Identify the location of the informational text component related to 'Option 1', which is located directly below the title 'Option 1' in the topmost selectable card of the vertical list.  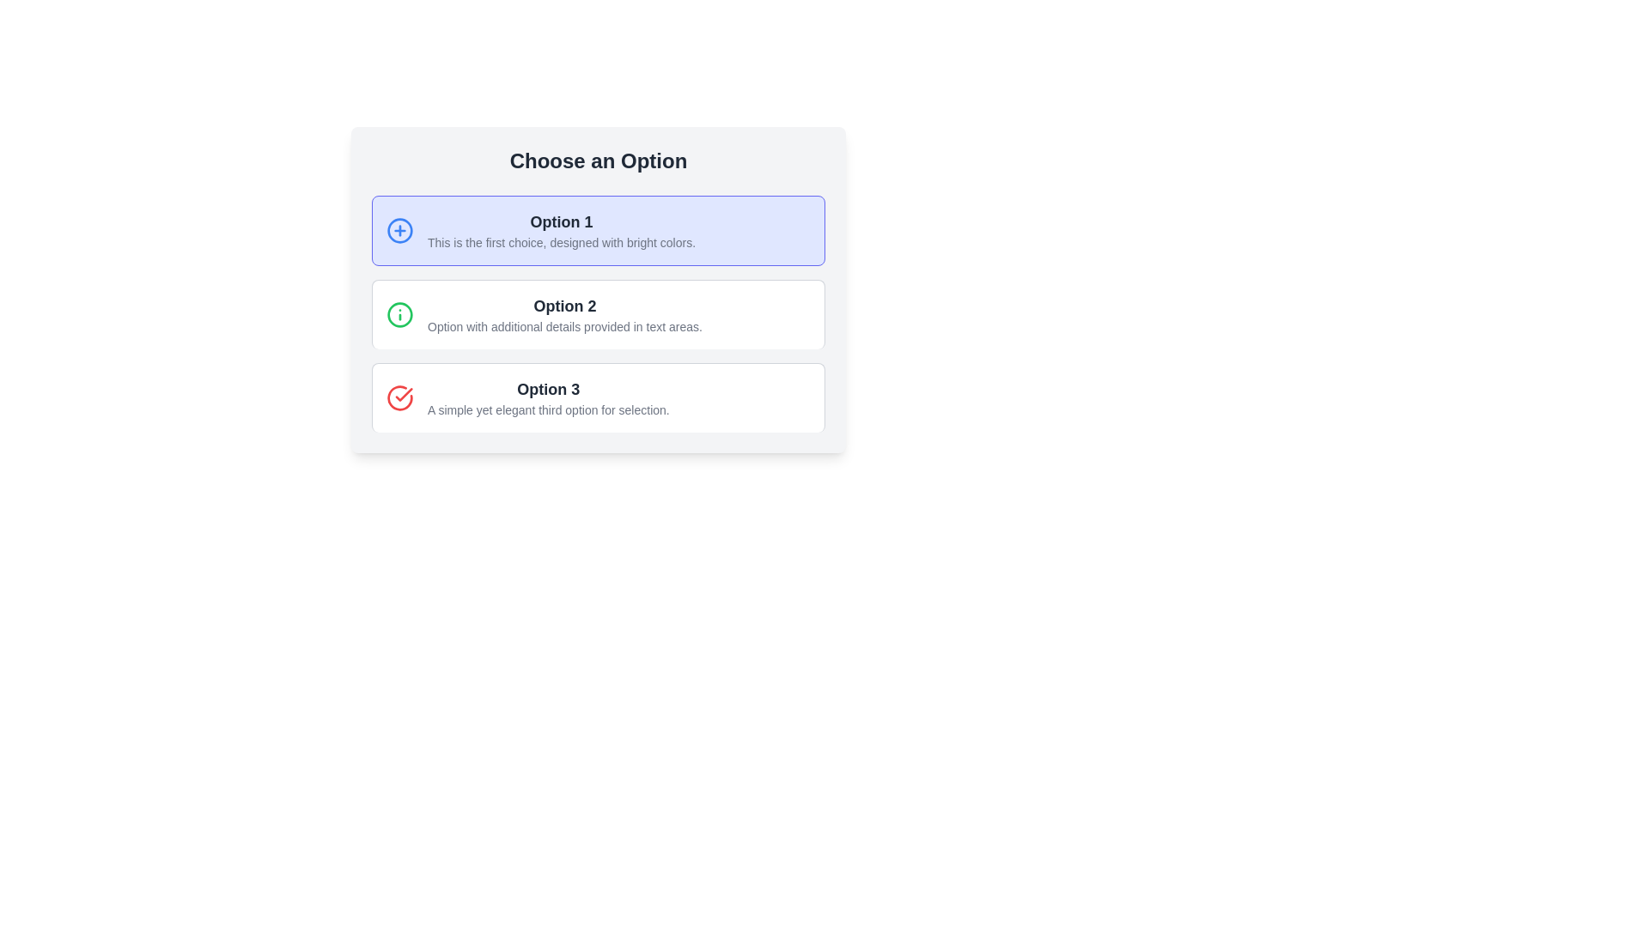
(561, 242).